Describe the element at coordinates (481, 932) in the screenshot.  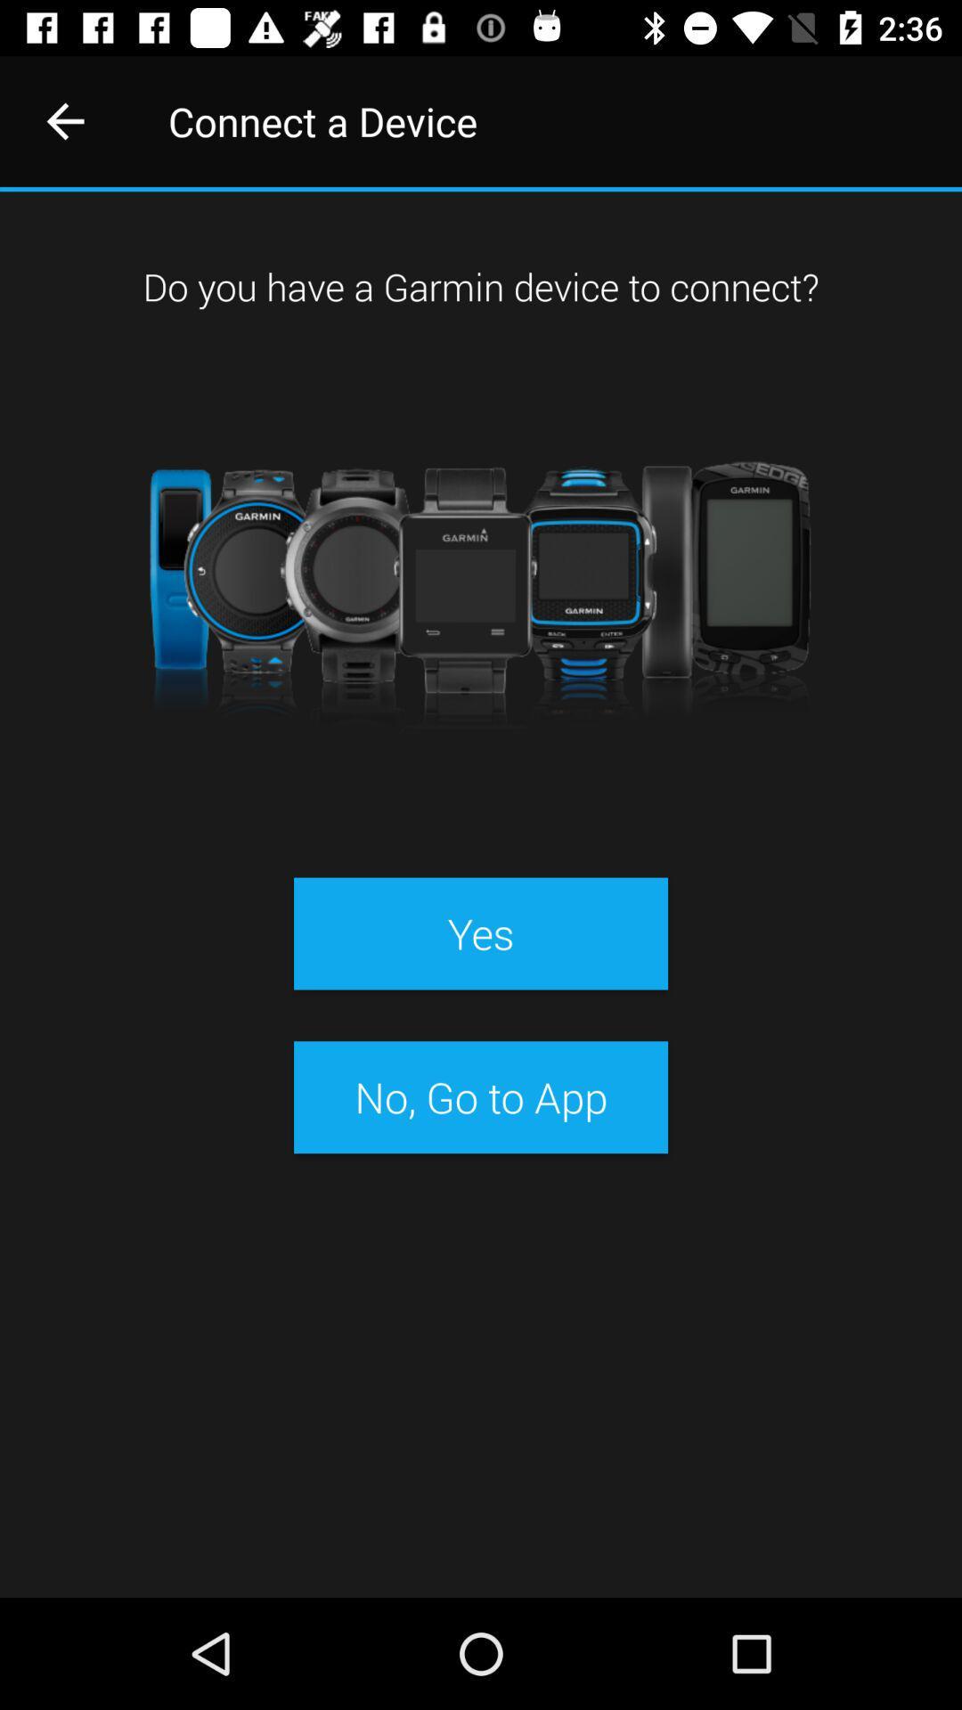
I see `icon above no go to item` at that location.